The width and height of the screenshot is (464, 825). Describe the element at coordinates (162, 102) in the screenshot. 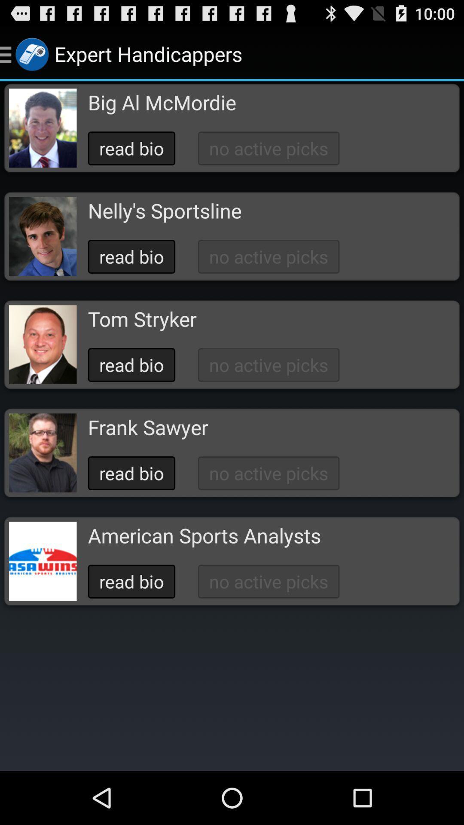

I see `the icon above the read bio` at that location.